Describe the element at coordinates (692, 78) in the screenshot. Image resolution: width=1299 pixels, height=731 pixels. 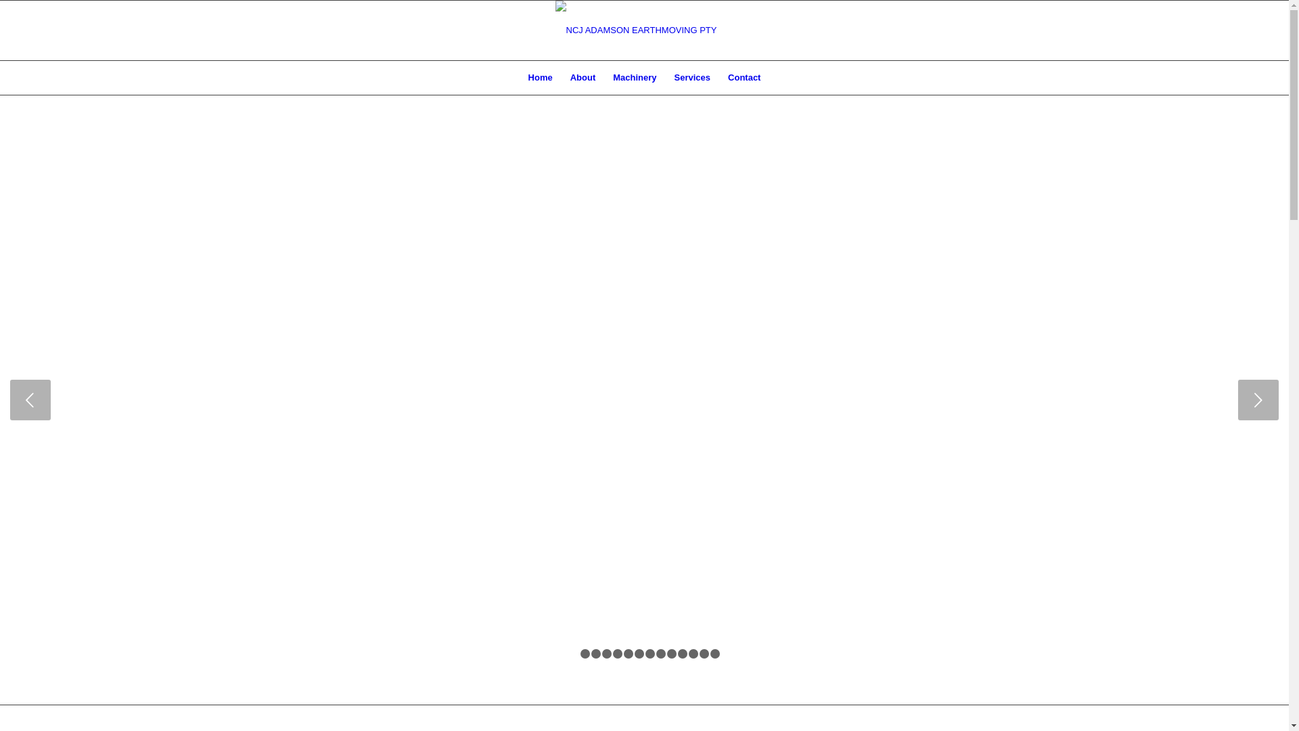
I see `'Services'` at that location.